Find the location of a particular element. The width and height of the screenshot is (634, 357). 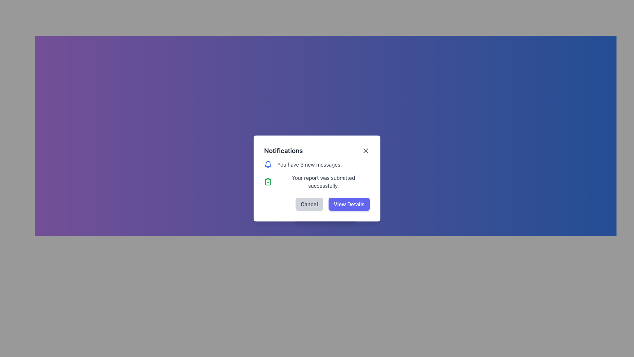

the cancel button located at the bottom-left of the modal, positioned next to the 'View Details' button, to enable keyboard navigation is located at coordinates (309, 204).